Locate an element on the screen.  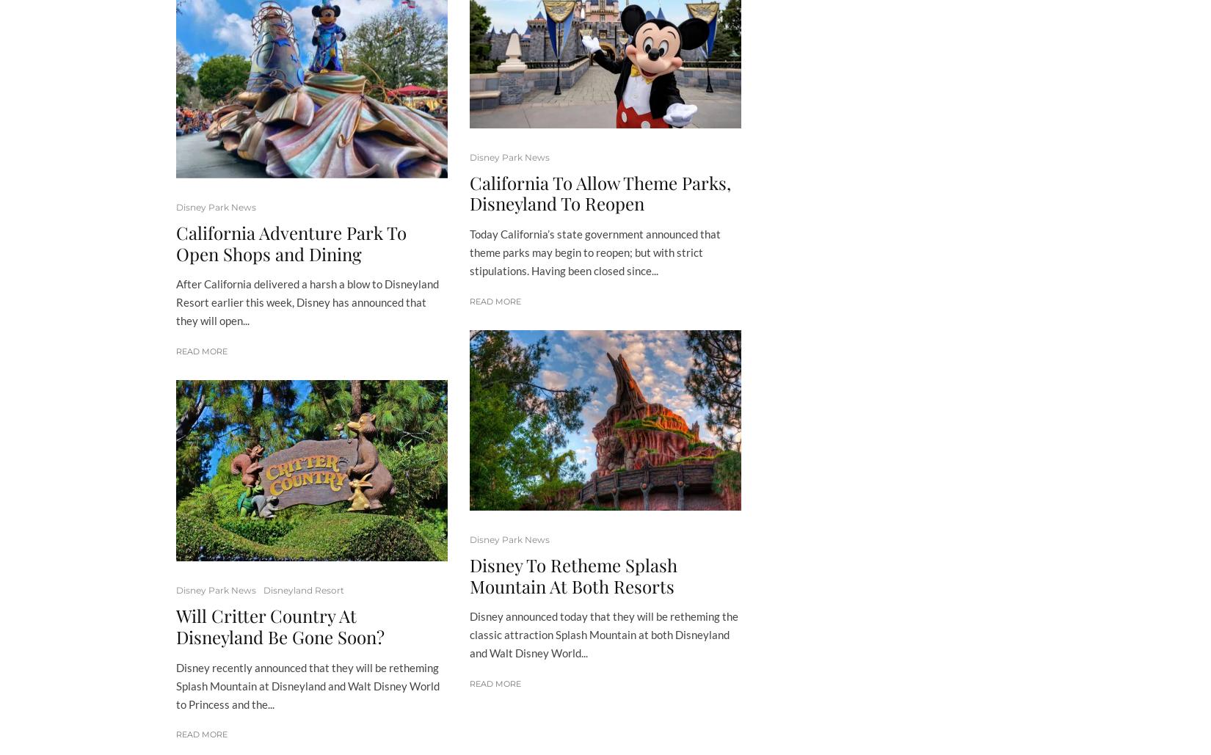
'Disneyland Resort' is located at coordinates (302, 590).